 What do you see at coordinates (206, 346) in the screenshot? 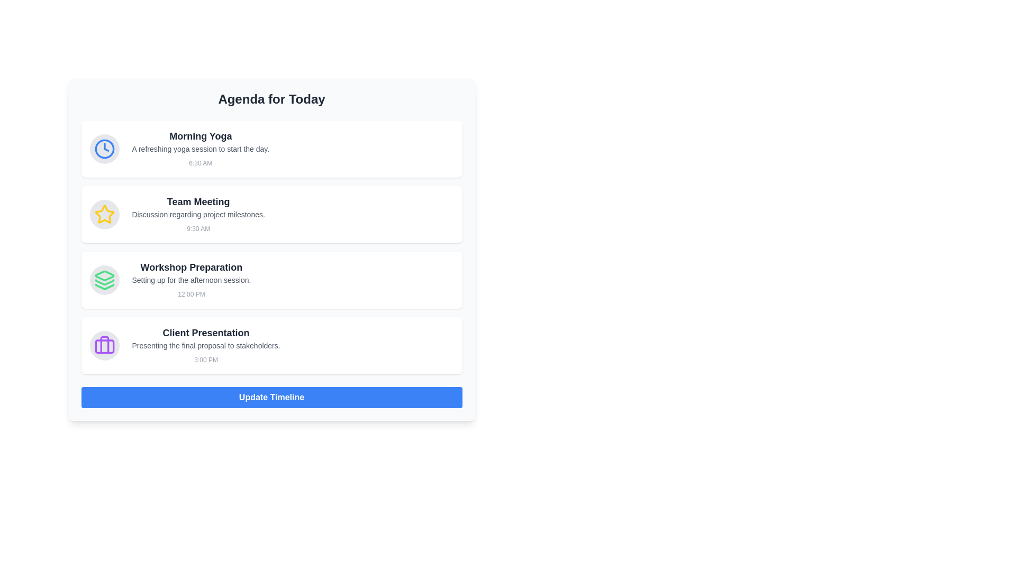
I see `the List item featuring the bold title 'Client Presentation', which includes a secondary description and a timestamp, positioned as the fourth entry in the vertical list` at bounding box center [206, 346].